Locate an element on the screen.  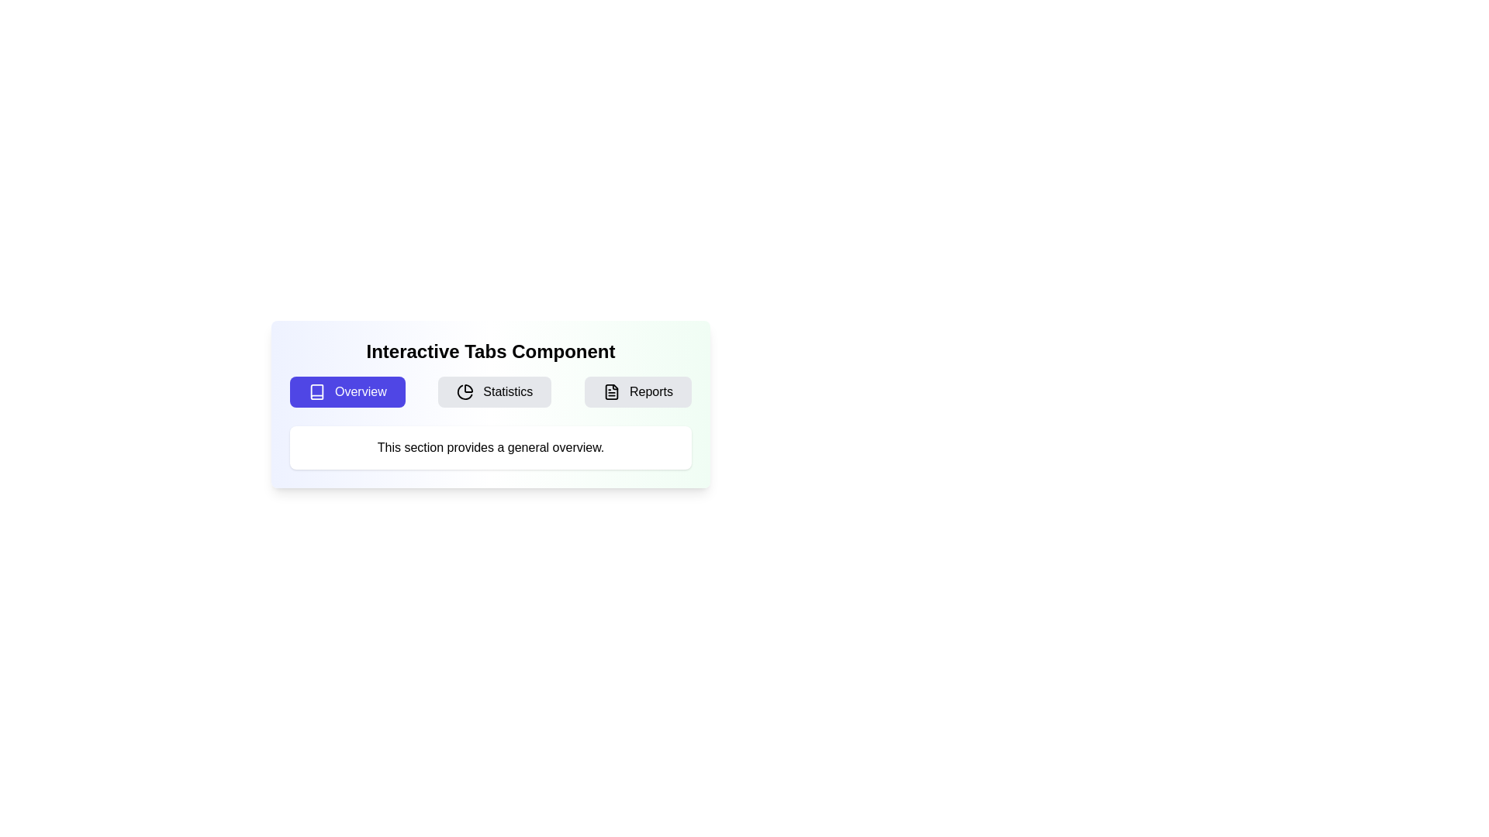
the 'Overview' button which contains a simplistic book icon, represented by a monochrome line drawing centered within the button is located at coordinates (316, 391).